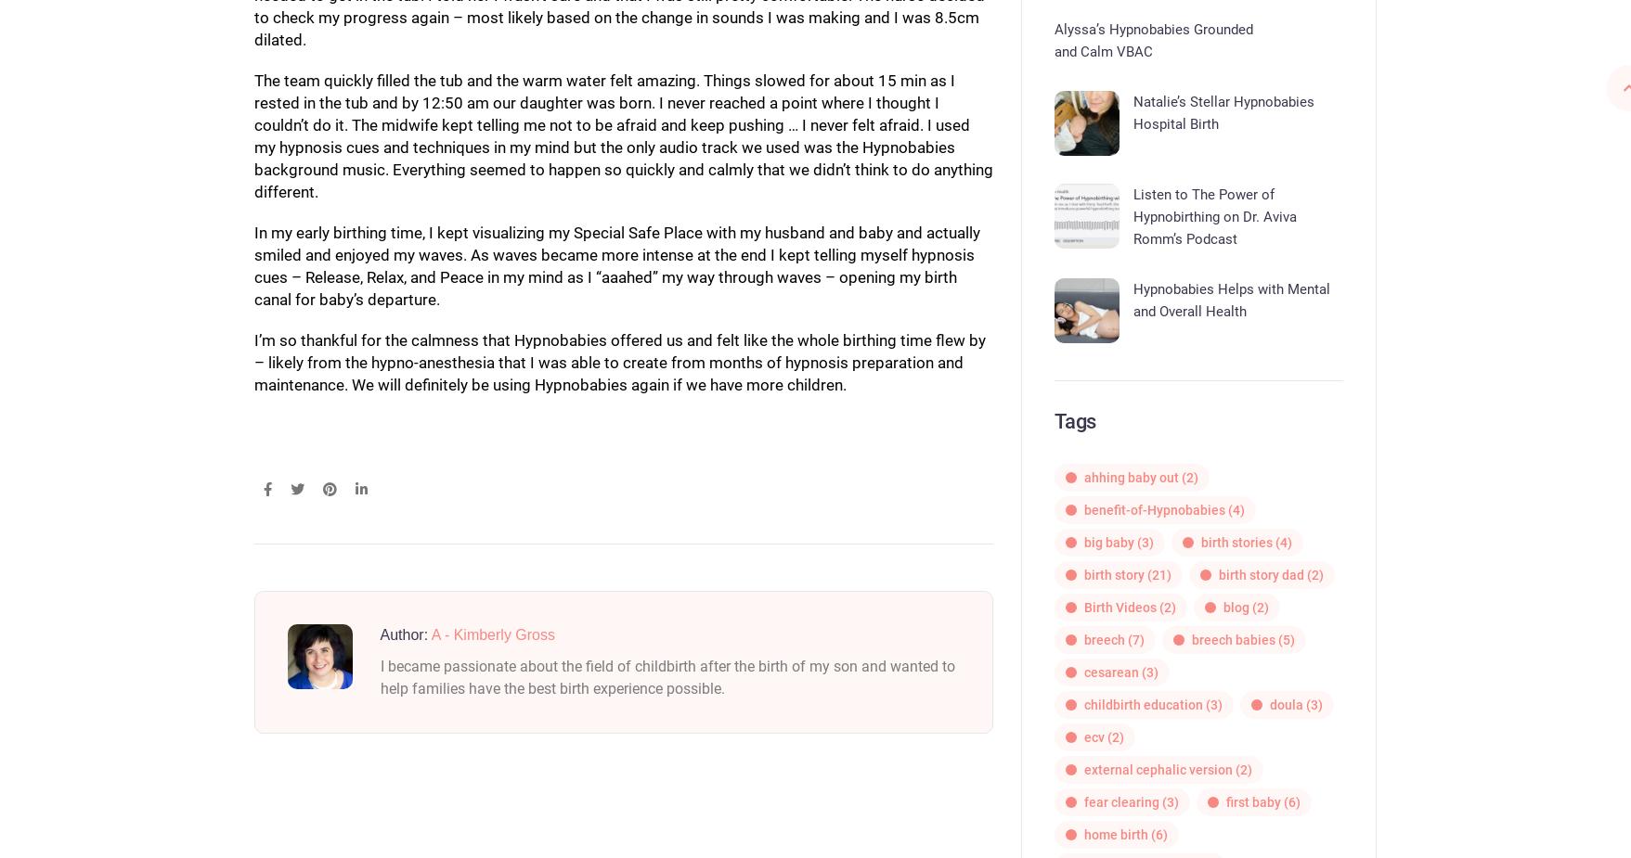 Image resolution: width=1631 pixels, height=858 pixels. I want to click on 'The team quickly filled the tub and the warm water felt amazing. Things slowed for about 15 min as I rested in the tub and by 12:50 am our daughter was born. I never reached a point where I thought I couldn’t do it. The midwife kept telling me not to be afraid and keep pushing … I never felt afraid. I used my hypnosis cues and techniques in my mind but the only audio track we used was the Hypnobabies background music. Everything seemed to happen so quickly and calmly that we didn’t think to do anything different.', so click(621, 134).